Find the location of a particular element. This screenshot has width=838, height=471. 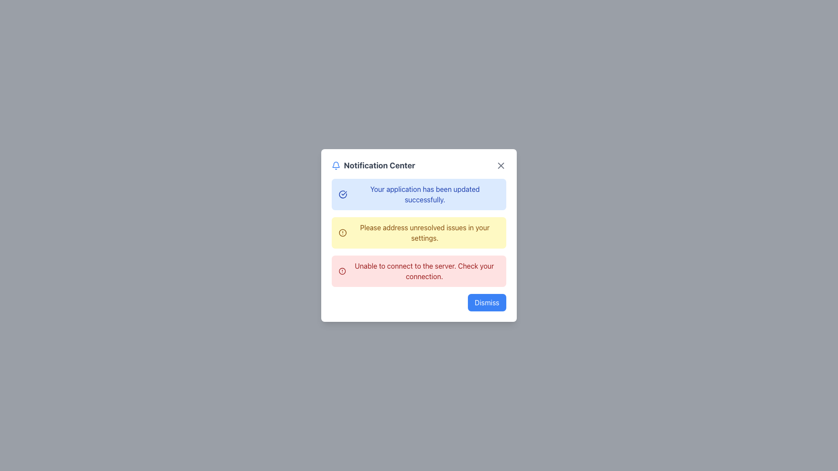

the bell icon located in the top-left corner of the 'Notification Center' modal, which serves as a visual cue for notifications is located at coordinates (335, 164).